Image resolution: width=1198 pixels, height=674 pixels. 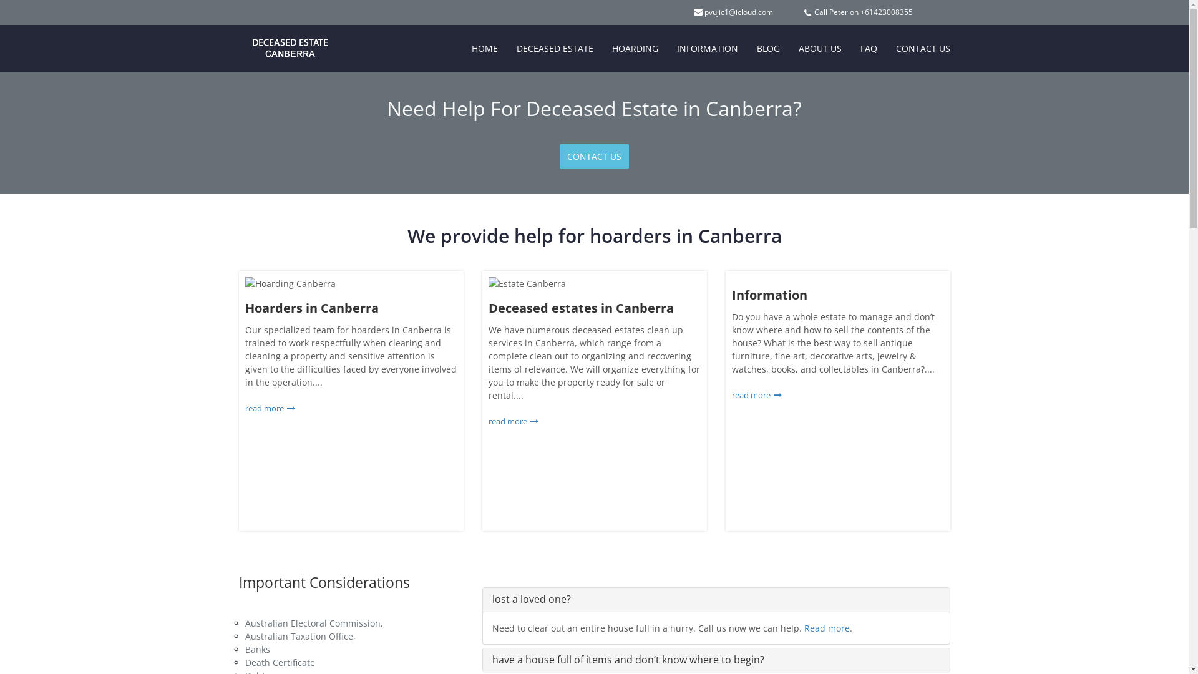 What do you see at coordinates (553, 47) in the screenshot?
I see `'DECEASED ESTATE'` at bounding box center [553, 47].